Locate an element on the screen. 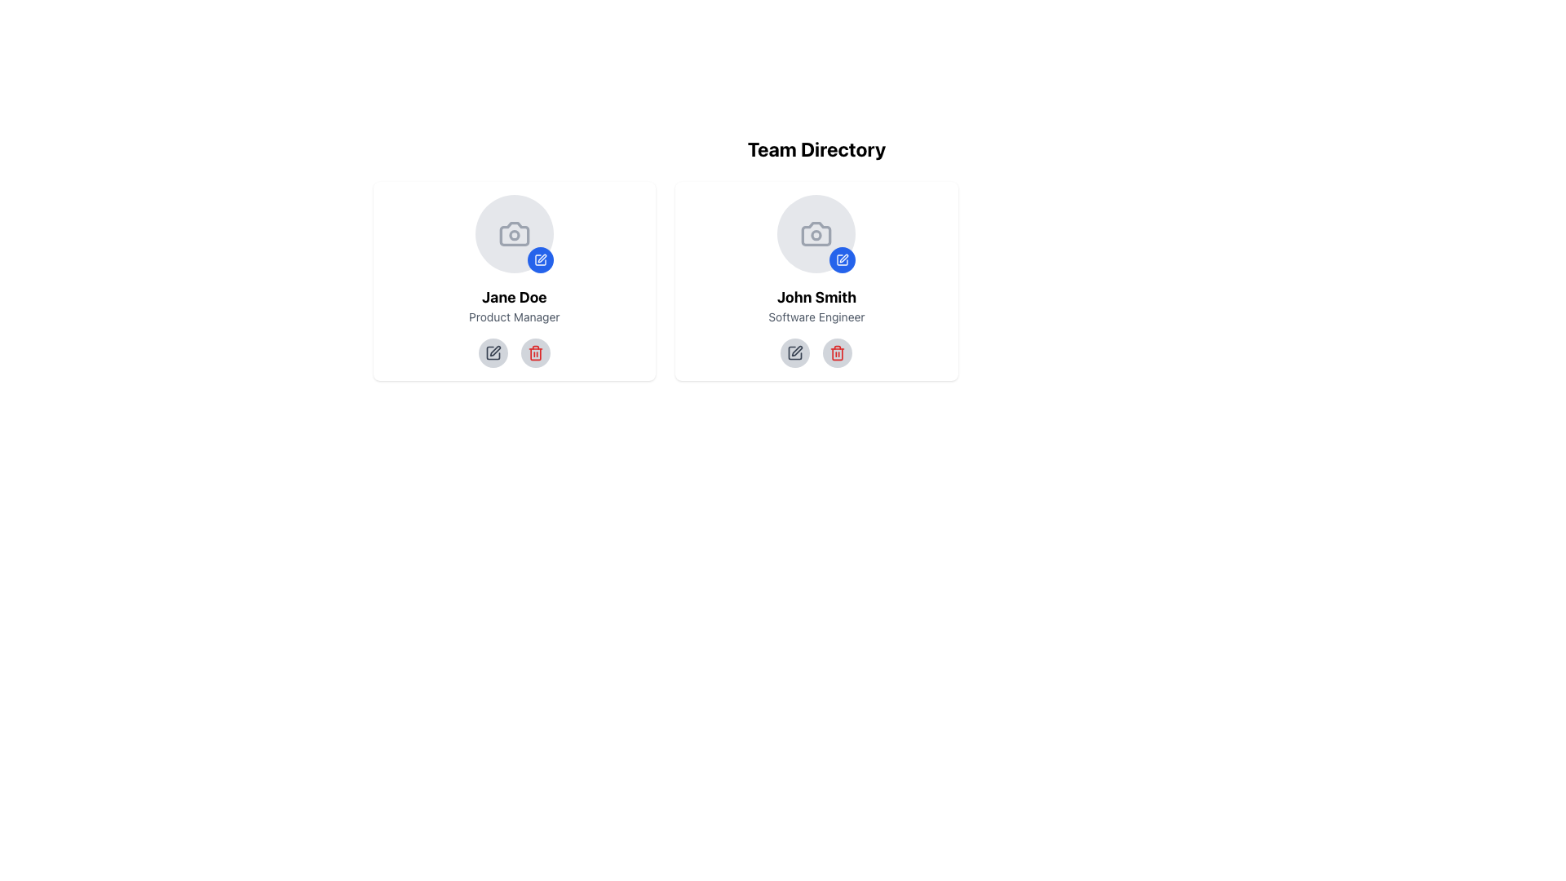  the text label displaying the name 'John Smith', which is styled in bold and positioned on the user profile card, located below the profile image and above the job title is located at coordinates (816, 298).